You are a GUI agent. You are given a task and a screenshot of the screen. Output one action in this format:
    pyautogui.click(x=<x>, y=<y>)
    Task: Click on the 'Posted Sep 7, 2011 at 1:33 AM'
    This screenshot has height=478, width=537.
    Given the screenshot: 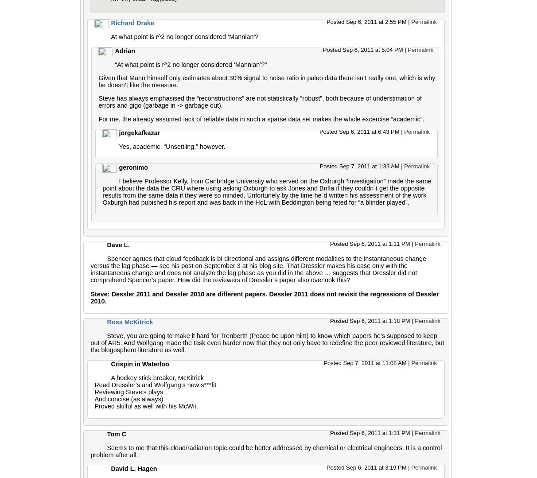 What is the action you would take?
    pyautogui.click(x=360, y=166)
    